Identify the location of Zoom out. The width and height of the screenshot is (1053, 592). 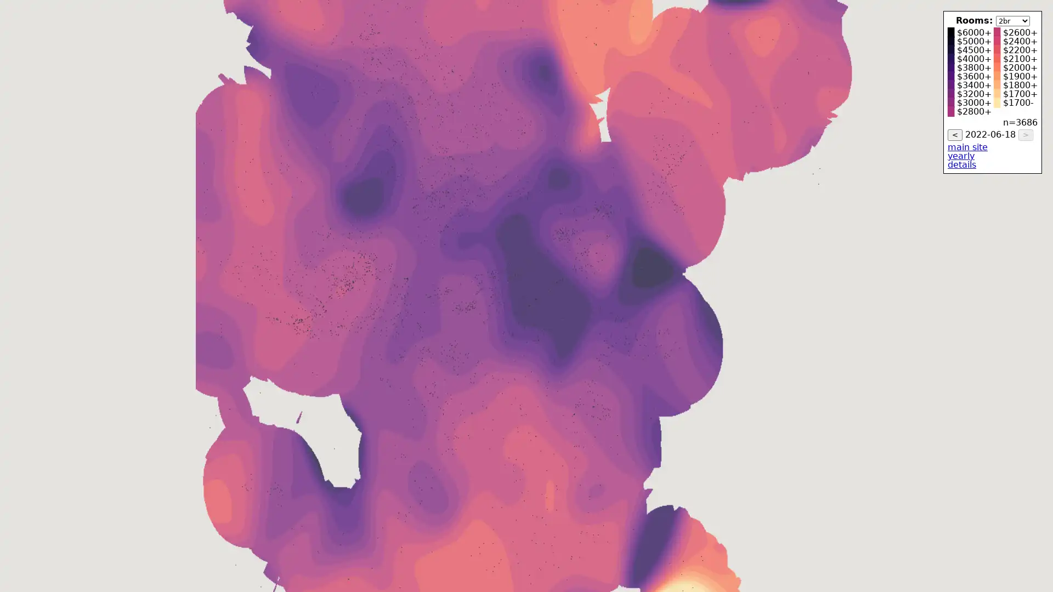
(1036, 567).